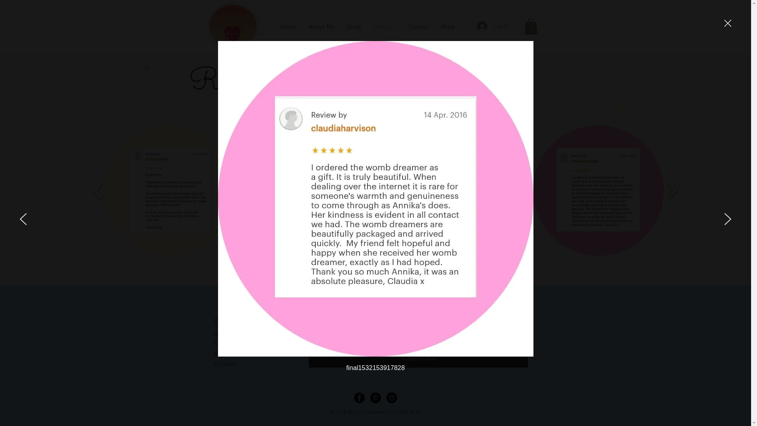 The width and height of the screenshot is (757, 426). I want to click on '0', so click(531, 26).